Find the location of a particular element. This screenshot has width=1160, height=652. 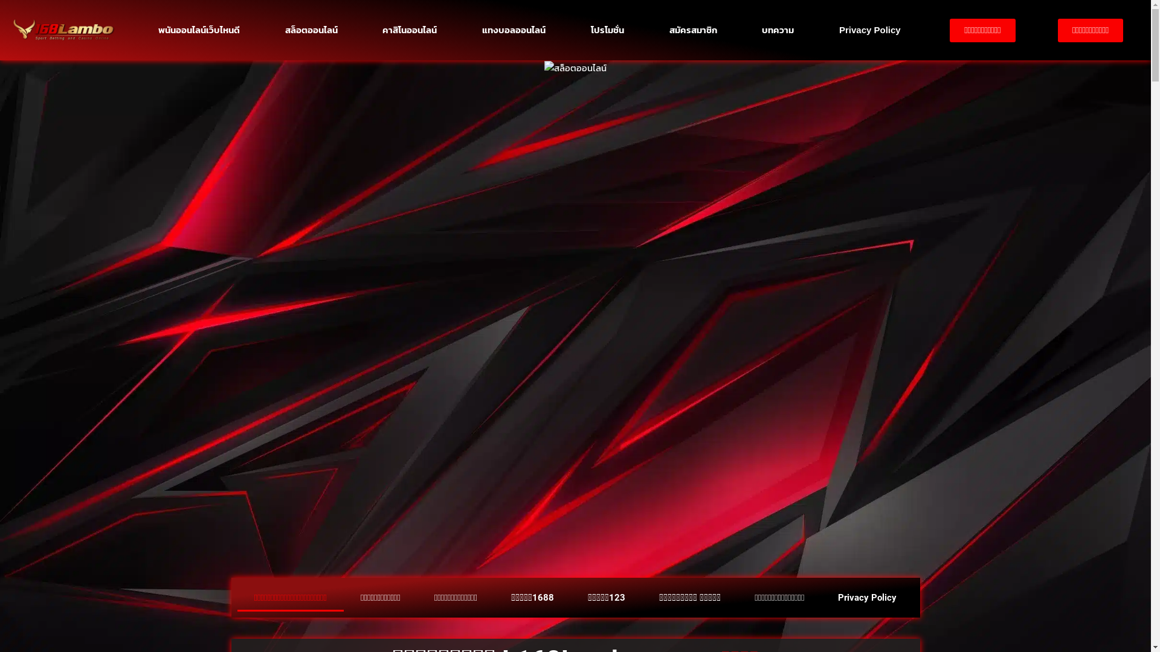

'Privacy Policy' is located at coordinates (866, 598).